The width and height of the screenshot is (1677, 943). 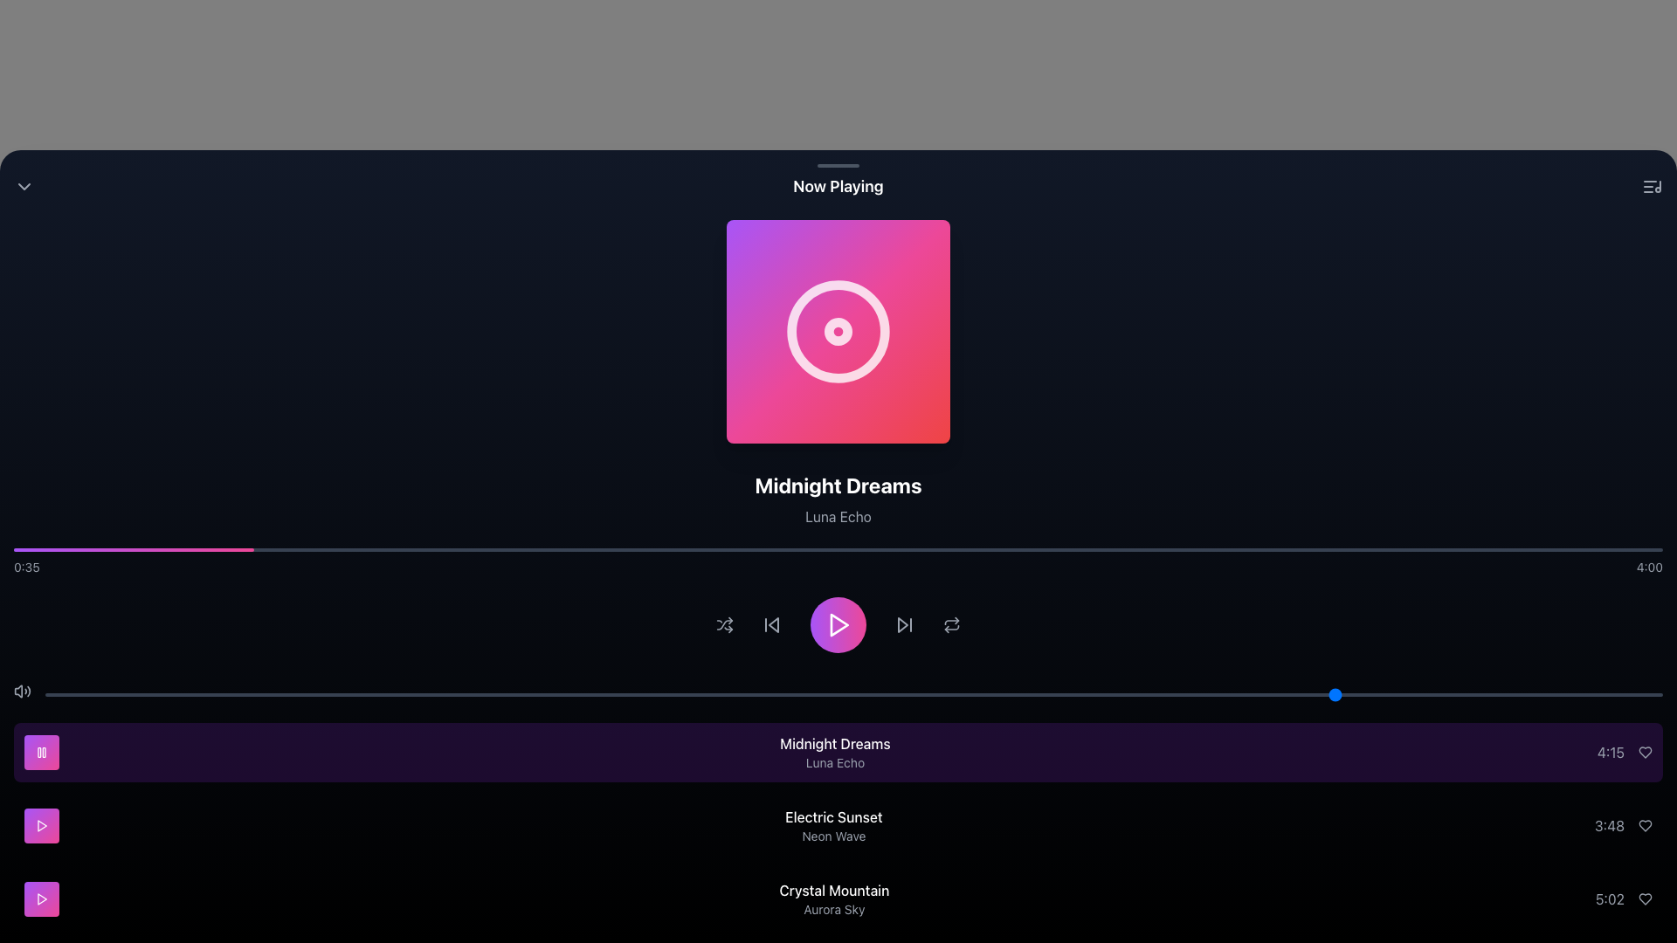 What do you see at coordinates (42, 825) in the screenshot?
I see `the play button icon, which is a triangle pointing to the right within a circular gradient background of purple to pink hues` at bounding box center [42, 825].